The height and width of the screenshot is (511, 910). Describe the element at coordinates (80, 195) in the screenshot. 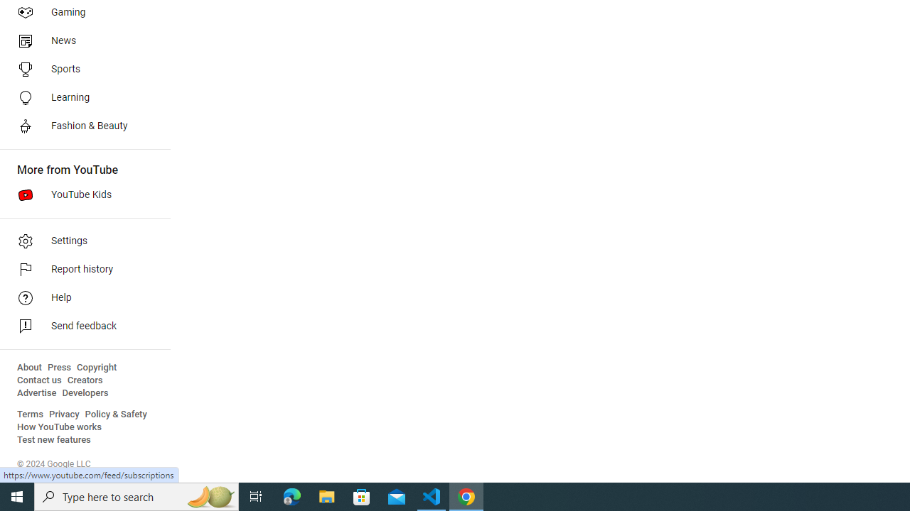

I see `'YouTube Kids'` at that location.